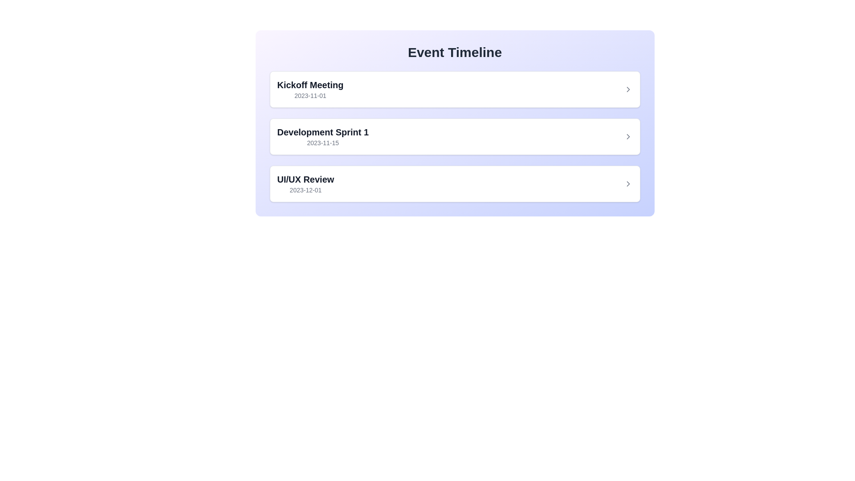  I want to click on the static text label or heading that serves as the title or main identifier of an event item in the timeline, located in the upper left of its card-like layout, so click(310, 85).